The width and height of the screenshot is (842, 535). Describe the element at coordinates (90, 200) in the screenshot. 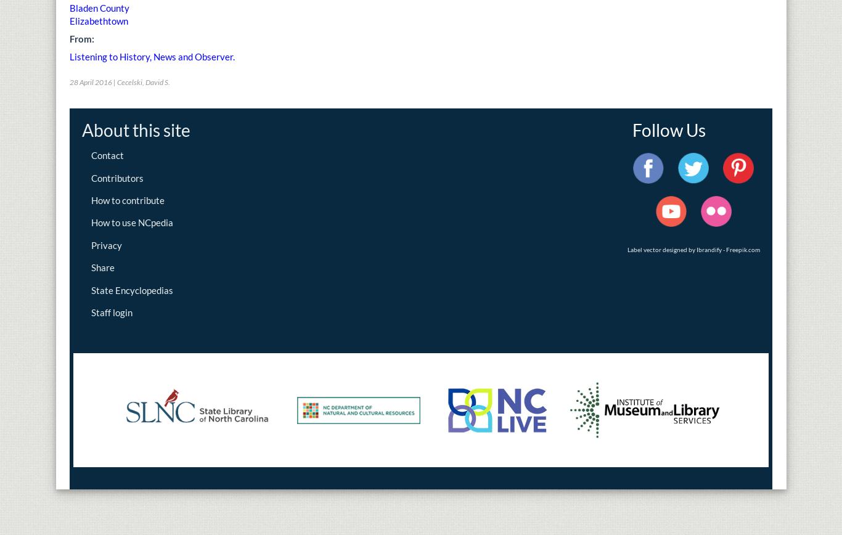

I see `'How to contribute'` at that location.